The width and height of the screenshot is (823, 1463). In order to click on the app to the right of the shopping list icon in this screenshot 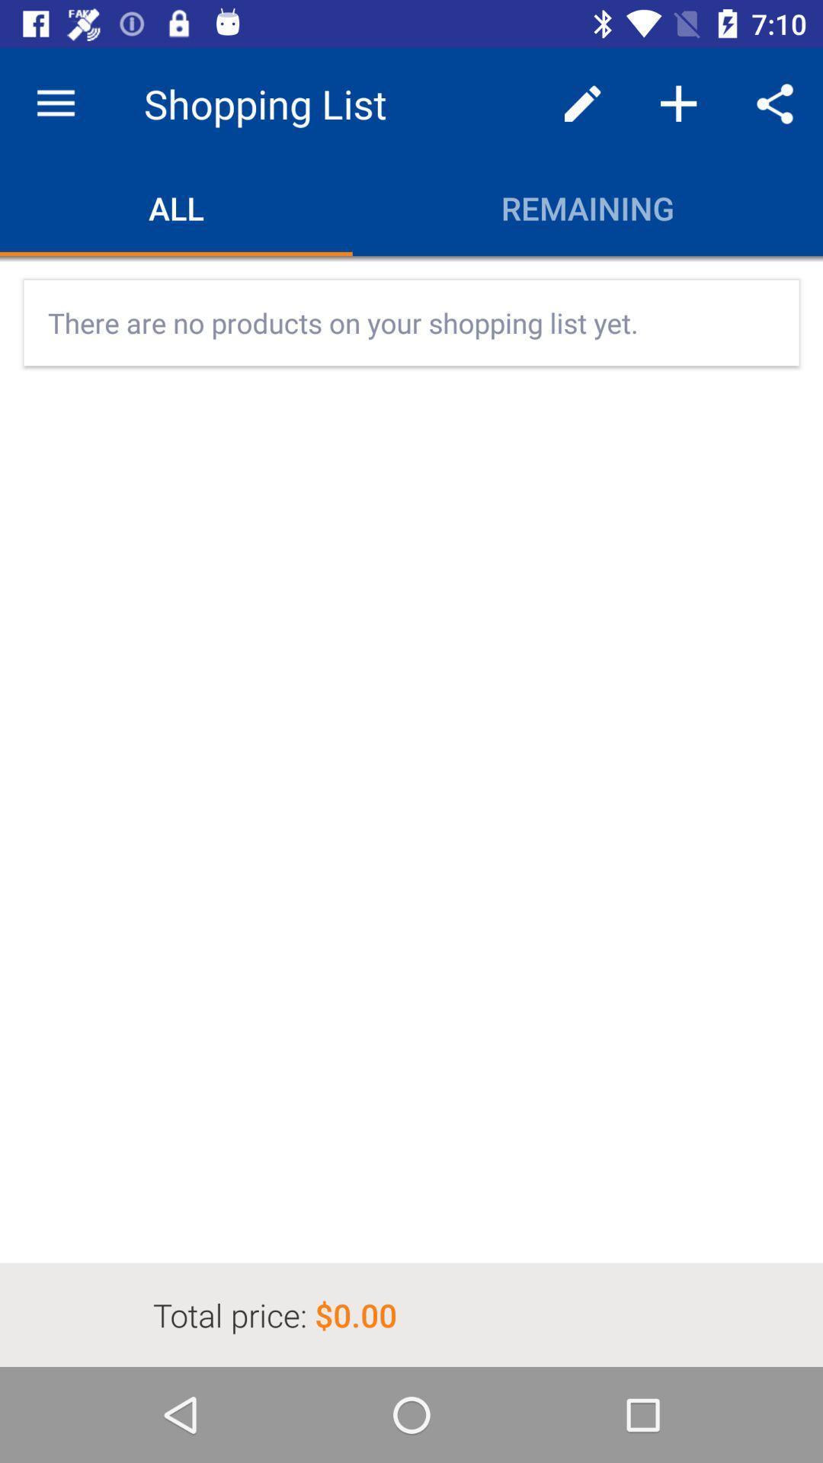, I will do `click(582, 103)`.